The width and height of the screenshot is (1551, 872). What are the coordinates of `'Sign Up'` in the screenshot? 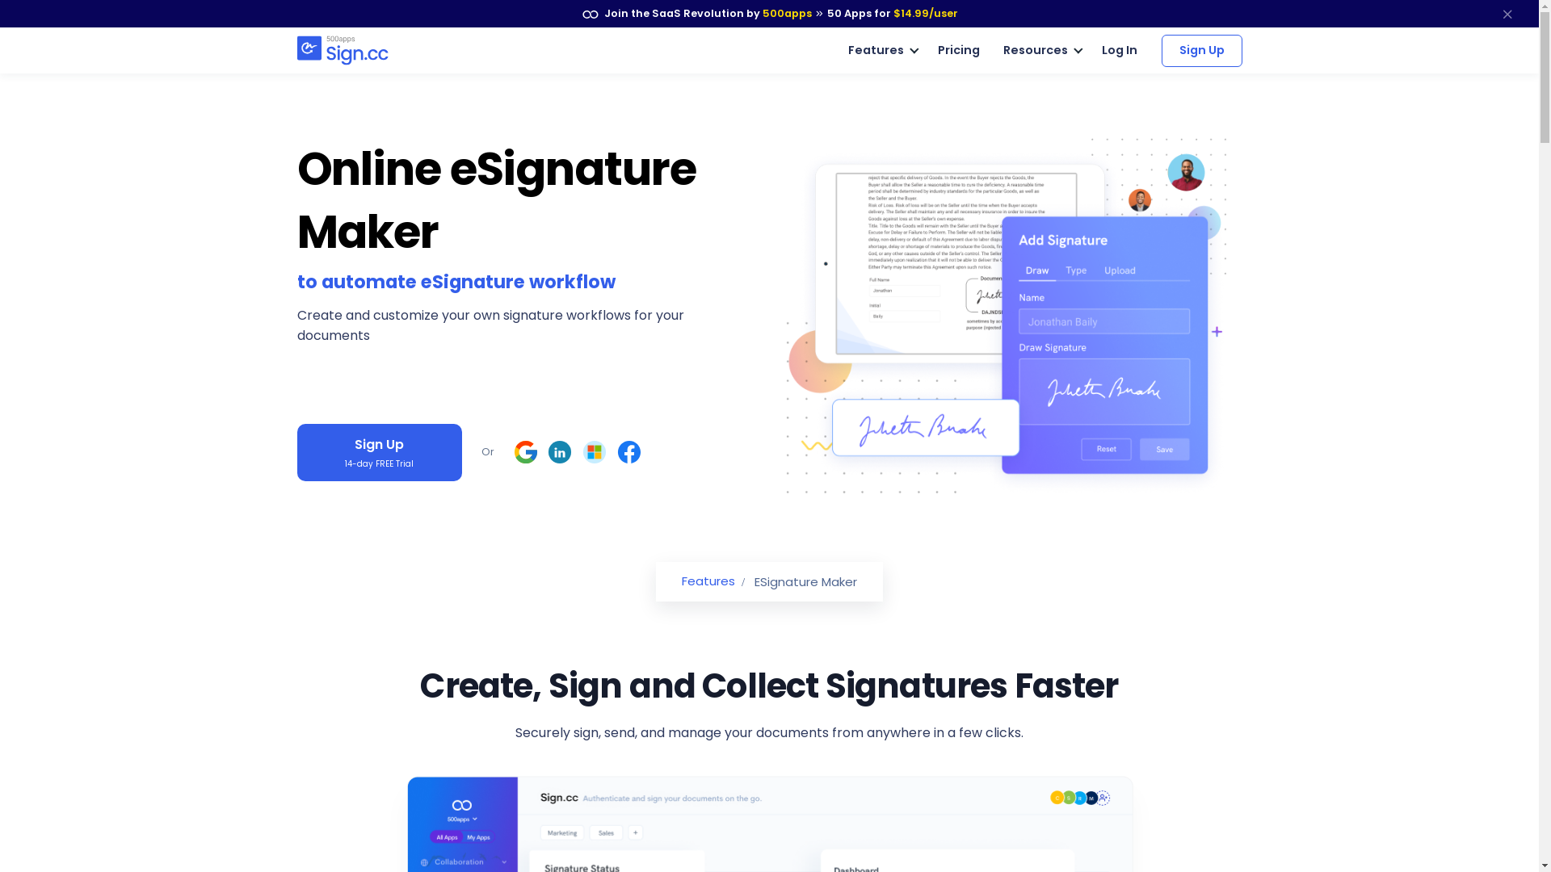 It's located at (1202, 48).